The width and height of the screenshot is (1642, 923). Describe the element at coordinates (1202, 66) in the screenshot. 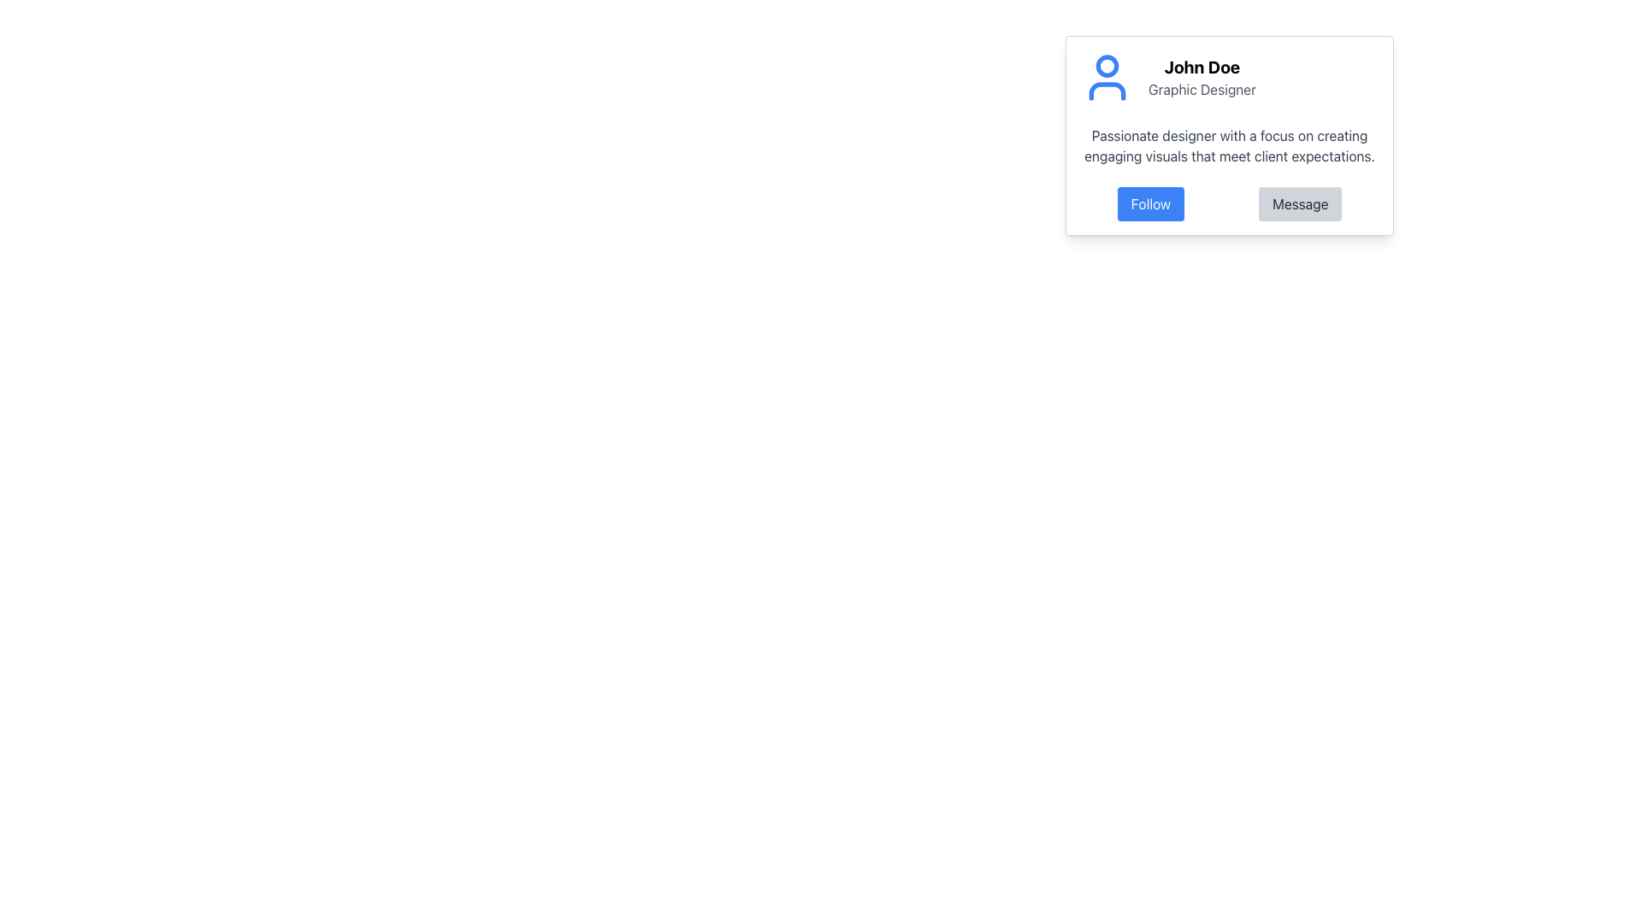

I see `name label that indicates the profile name of the individual, positioned above the 'Graphic Designer' text in the interface` at that location.